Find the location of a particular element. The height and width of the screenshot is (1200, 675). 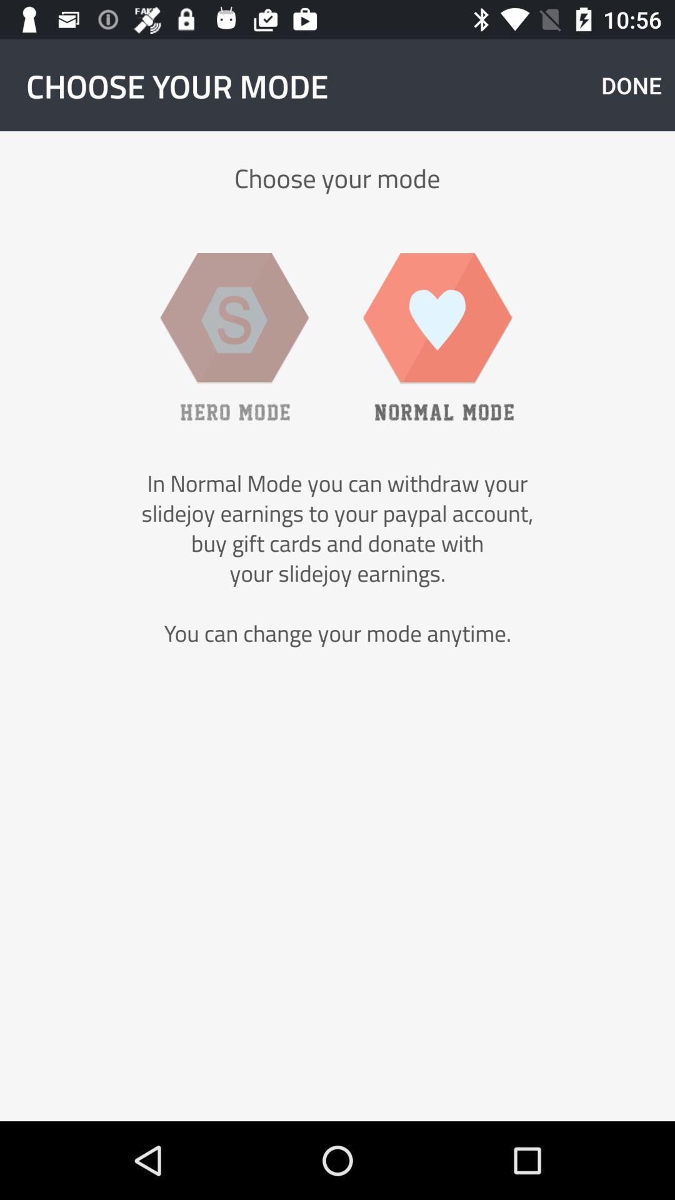

chose game mode is located at coordinates (234, 336).